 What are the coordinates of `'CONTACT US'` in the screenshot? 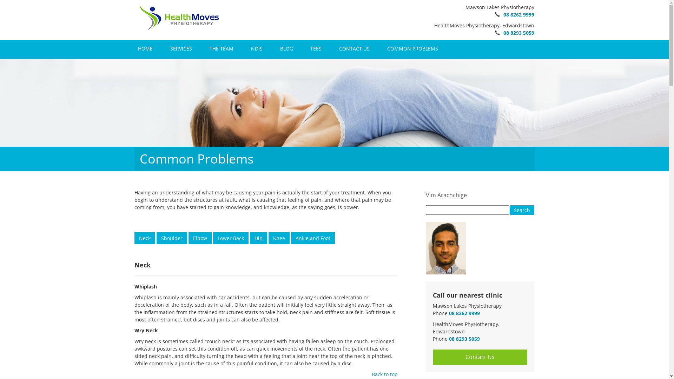 It's located at (335, 48).